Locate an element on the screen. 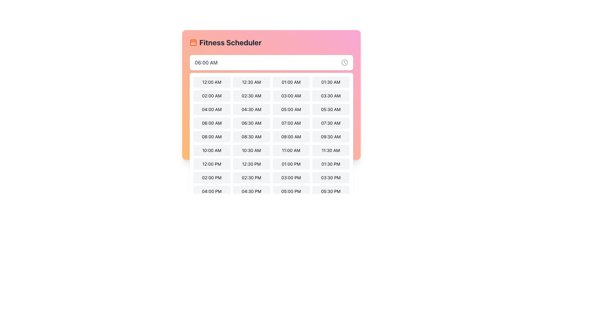  the Time option button labeled '05:00 AM' with soft rounded corners in the third column, third row of the grid layout in the Fitness Scheduler menu is located at coordinates (291, 109).